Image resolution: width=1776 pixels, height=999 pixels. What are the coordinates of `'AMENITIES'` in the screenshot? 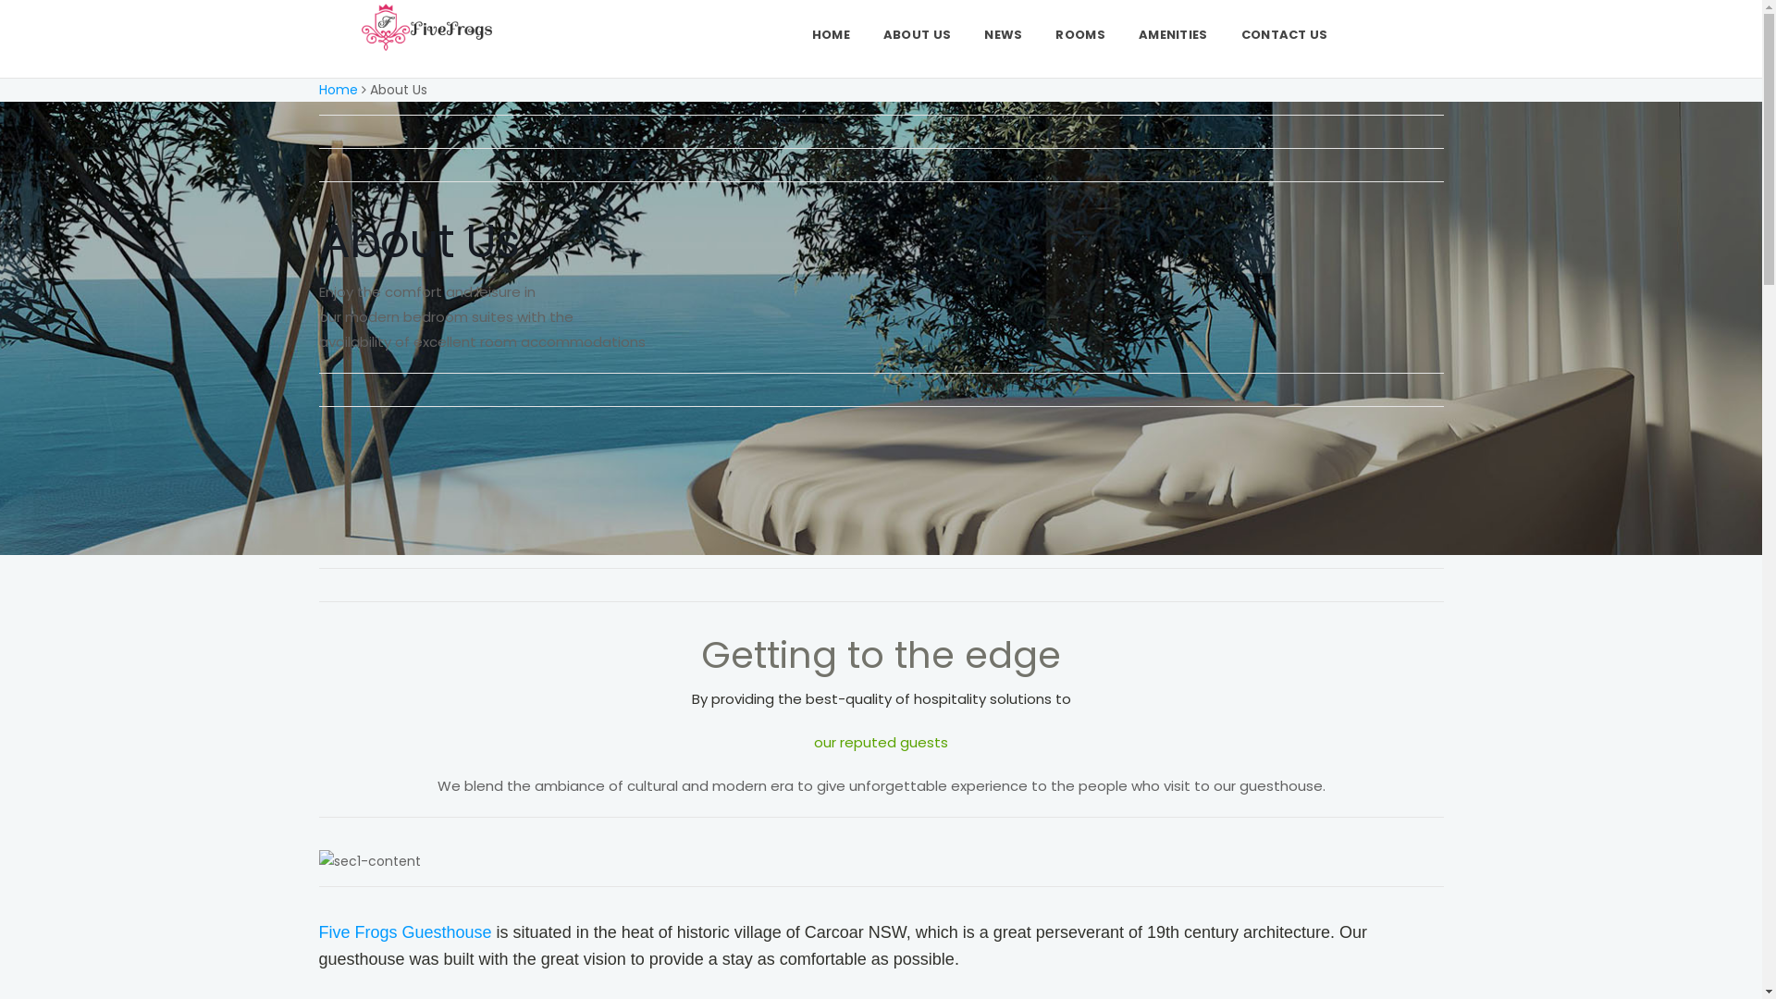 It's located at (1121, 34).